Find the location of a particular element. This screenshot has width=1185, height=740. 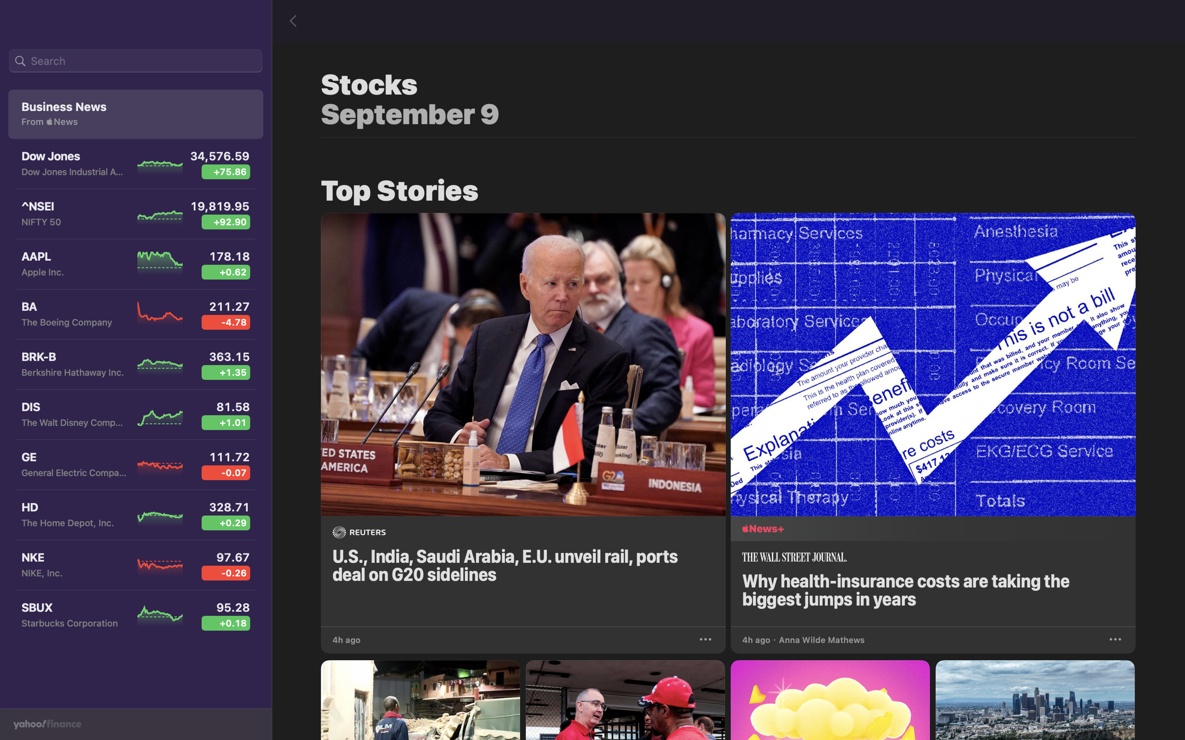

Search for the "Adobe" stock in the bar on top left is located at coordinates (135, 61).